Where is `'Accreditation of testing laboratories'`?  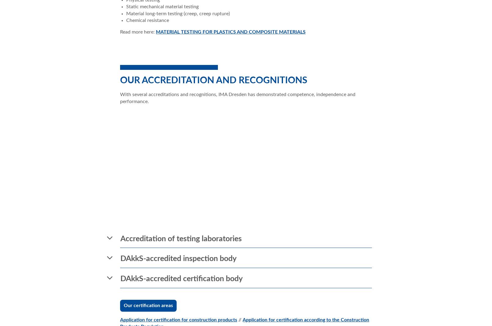 'Accreditation of testing laboratories' is located at coordinates (181, 238).